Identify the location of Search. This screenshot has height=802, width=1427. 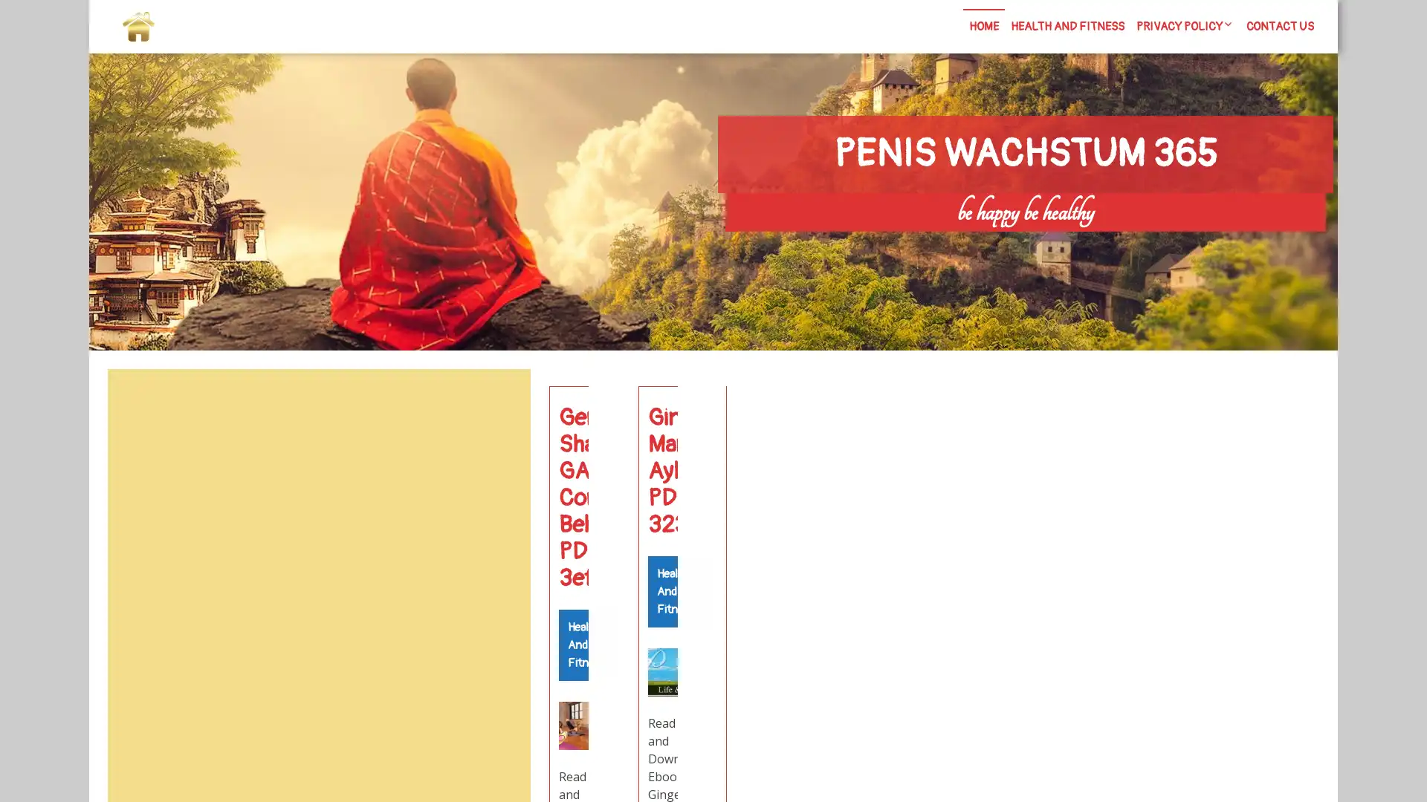
(1157, 243).